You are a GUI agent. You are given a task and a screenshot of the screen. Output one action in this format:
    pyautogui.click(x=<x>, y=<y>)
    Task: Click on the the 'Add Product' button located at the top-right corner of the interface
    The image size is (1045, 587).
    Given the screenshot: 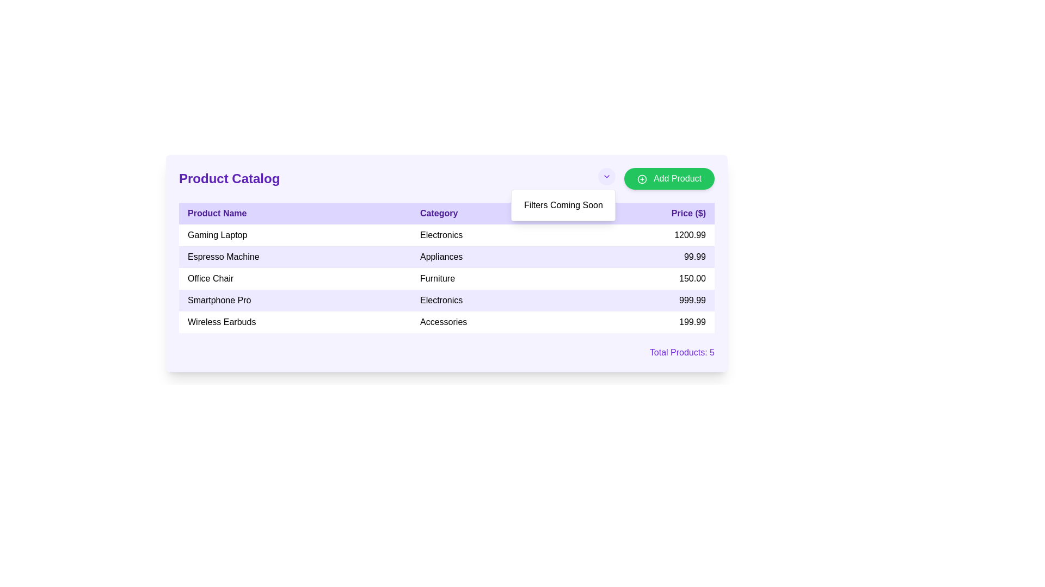 What is the action you would take?
    pyautogui.click(x=668, y=178)
    